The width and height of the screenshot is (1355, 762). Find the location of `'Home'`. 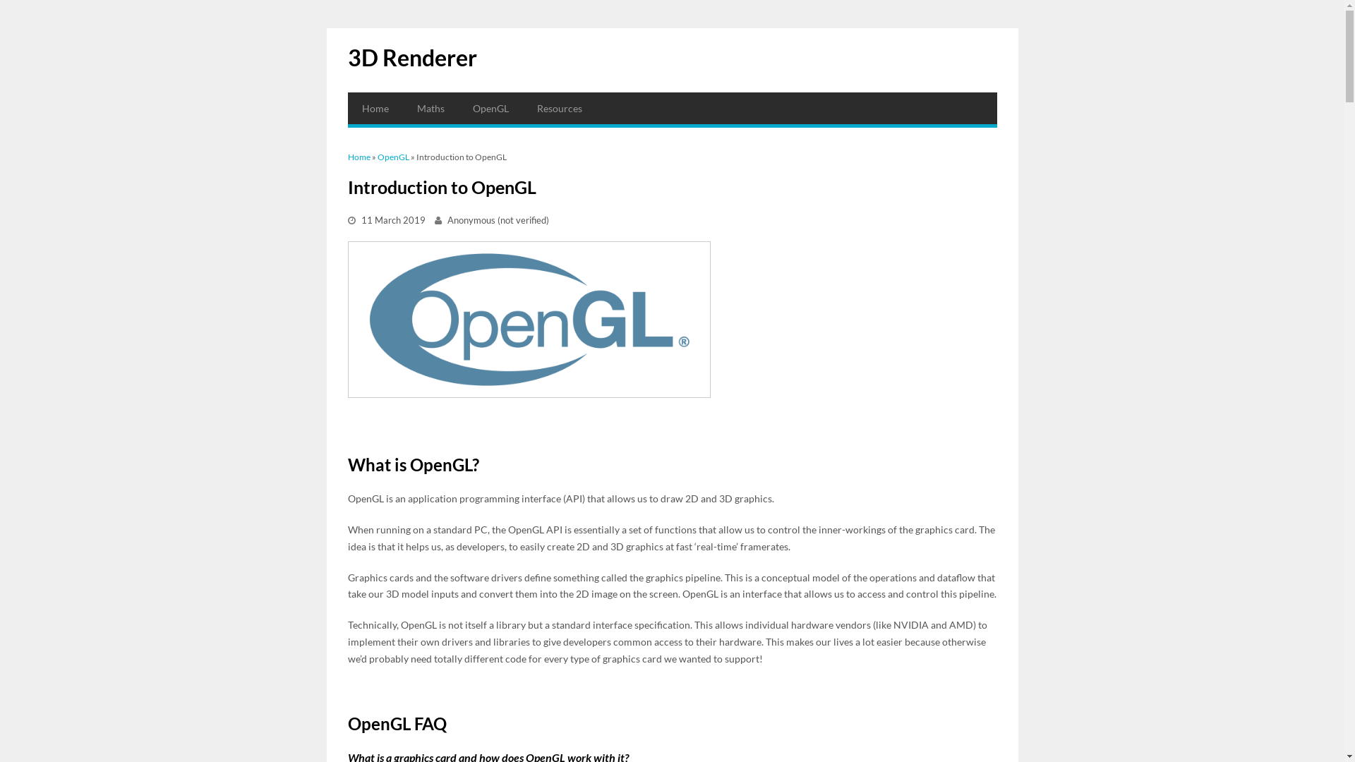

'Home' is located at coordinates (359, 157).